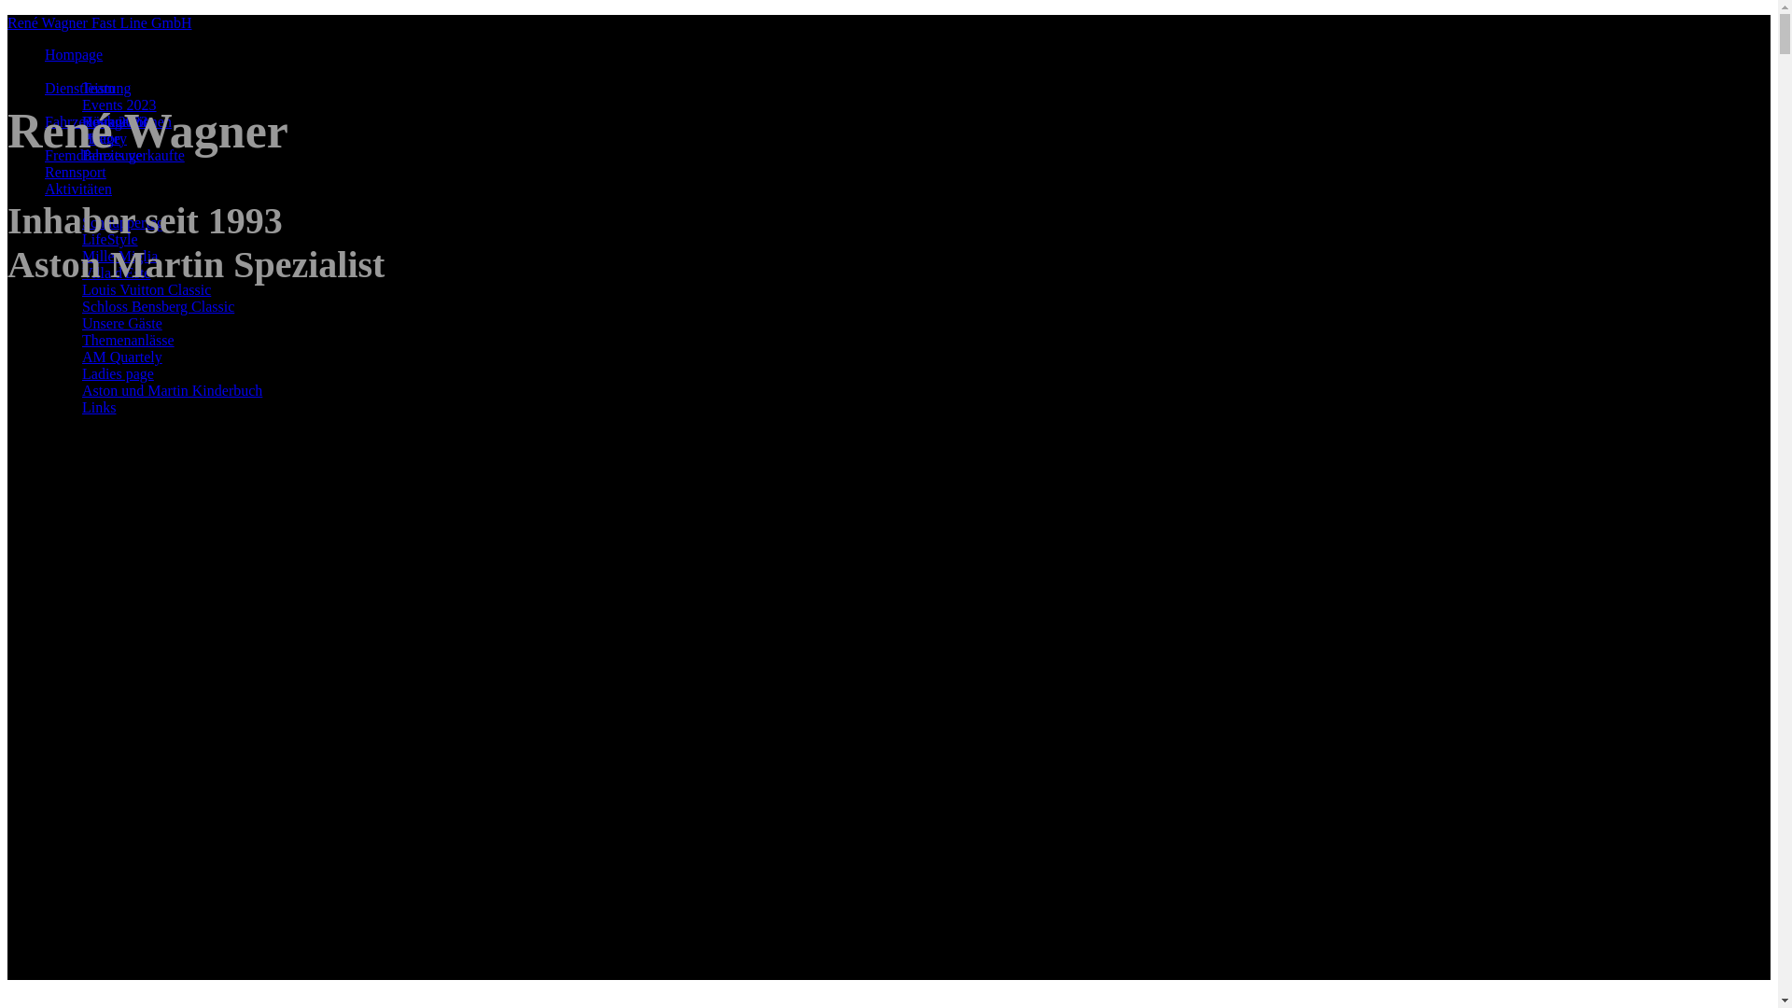 The height and width of the screenshot is (1008, 1792). What do you see at coordinates (158, 305) in the screenshot?
I see `'Schloss Bensberg Classic'` at bounding box center [158, 305].